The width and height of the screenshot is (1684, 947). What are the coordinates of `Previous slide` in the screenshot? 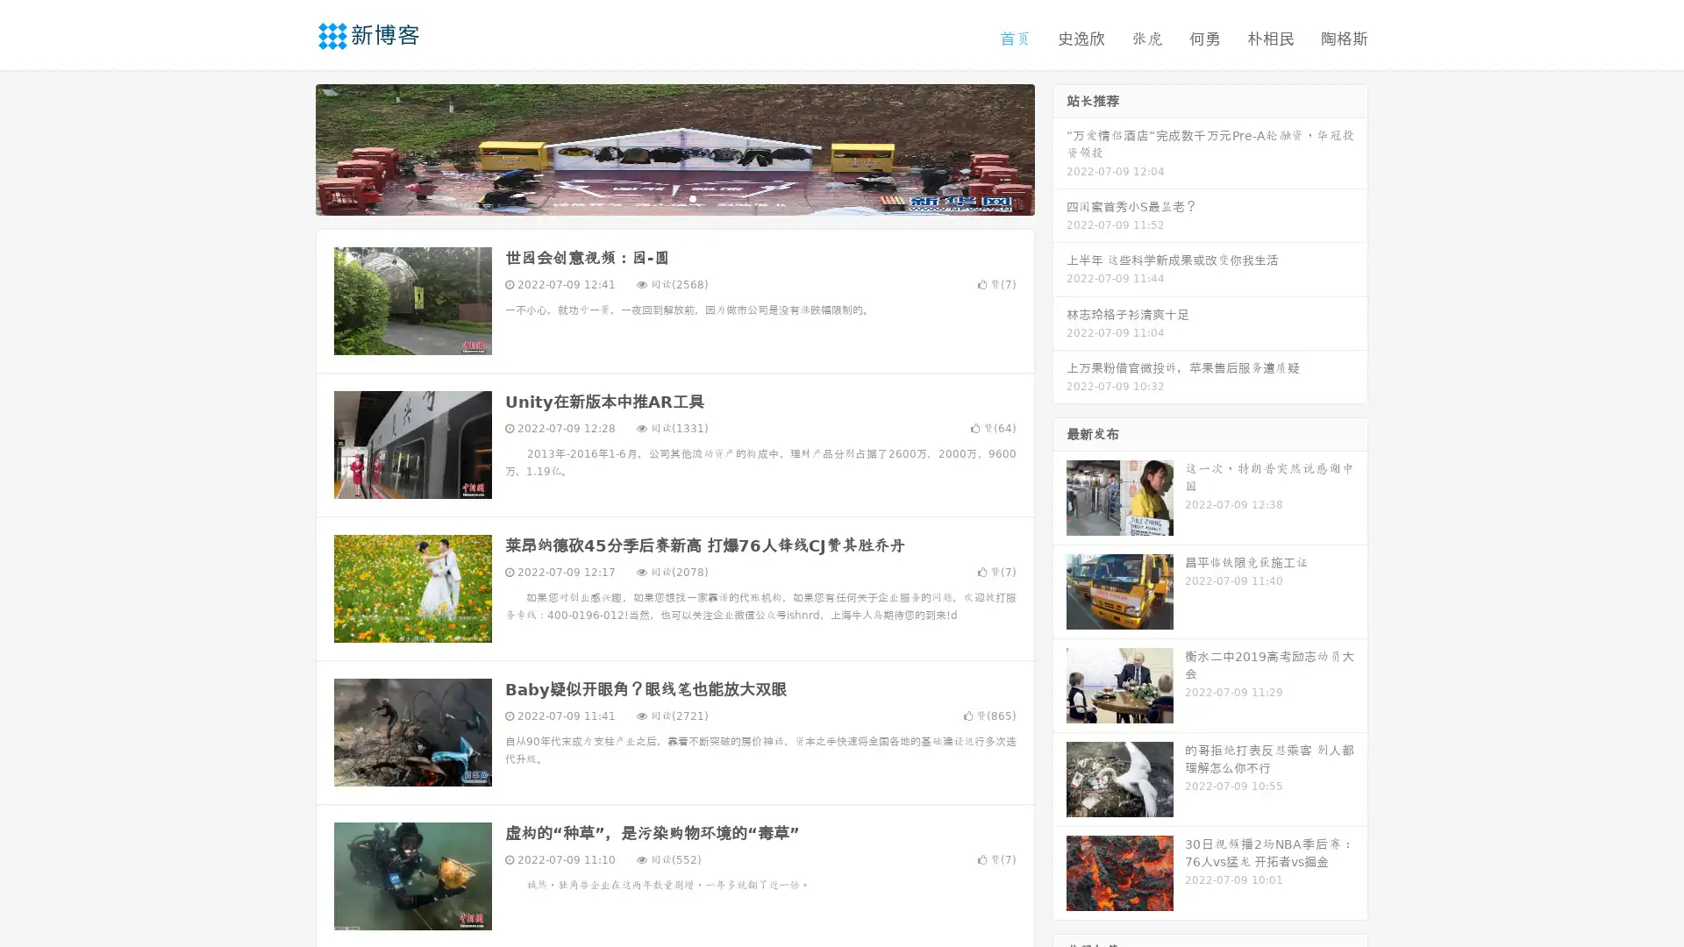 It's located at (289, 147).